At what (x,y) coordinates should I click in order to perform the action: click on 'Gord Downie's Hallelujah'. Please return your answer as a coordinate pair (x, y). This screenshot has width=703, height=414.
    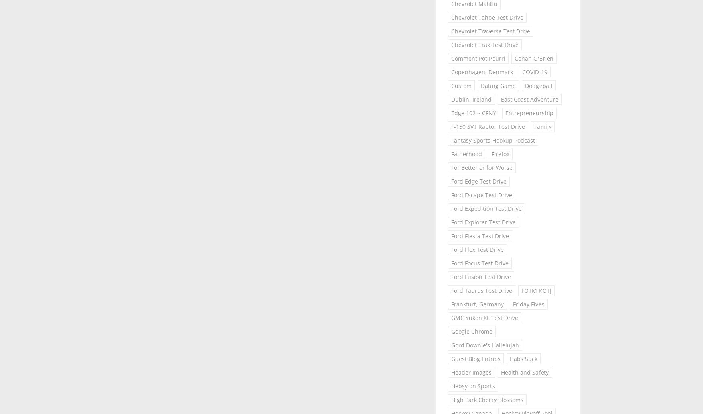
    Looking at the image, I should click on (485, 345).